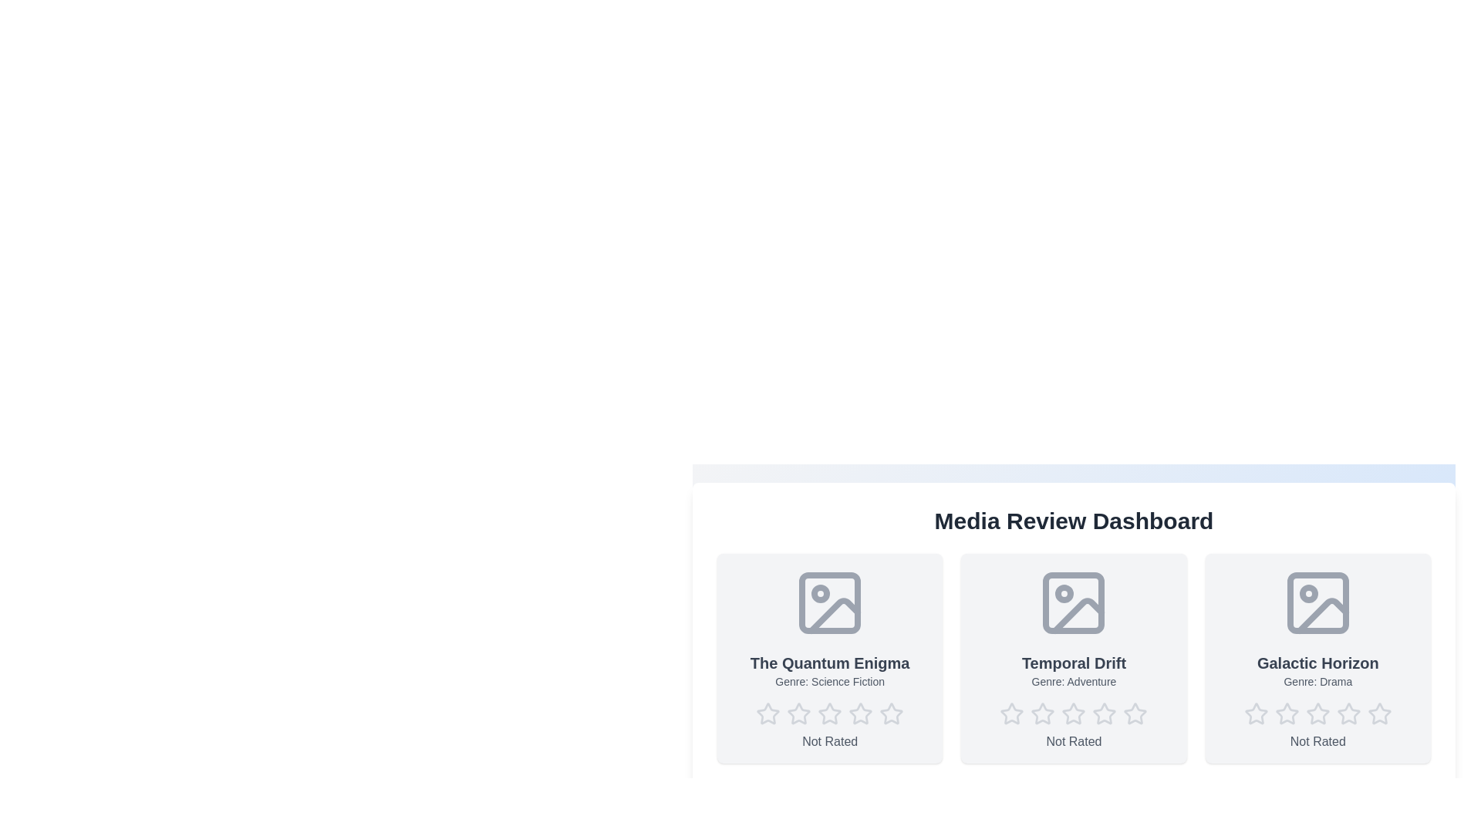 The image size is (1481, 833). Describe the element at coordinates (1287, 713) in the screenshot. I see `the star corresponding to the desired rating 2 for the media item Galactic Horizon` at that location.